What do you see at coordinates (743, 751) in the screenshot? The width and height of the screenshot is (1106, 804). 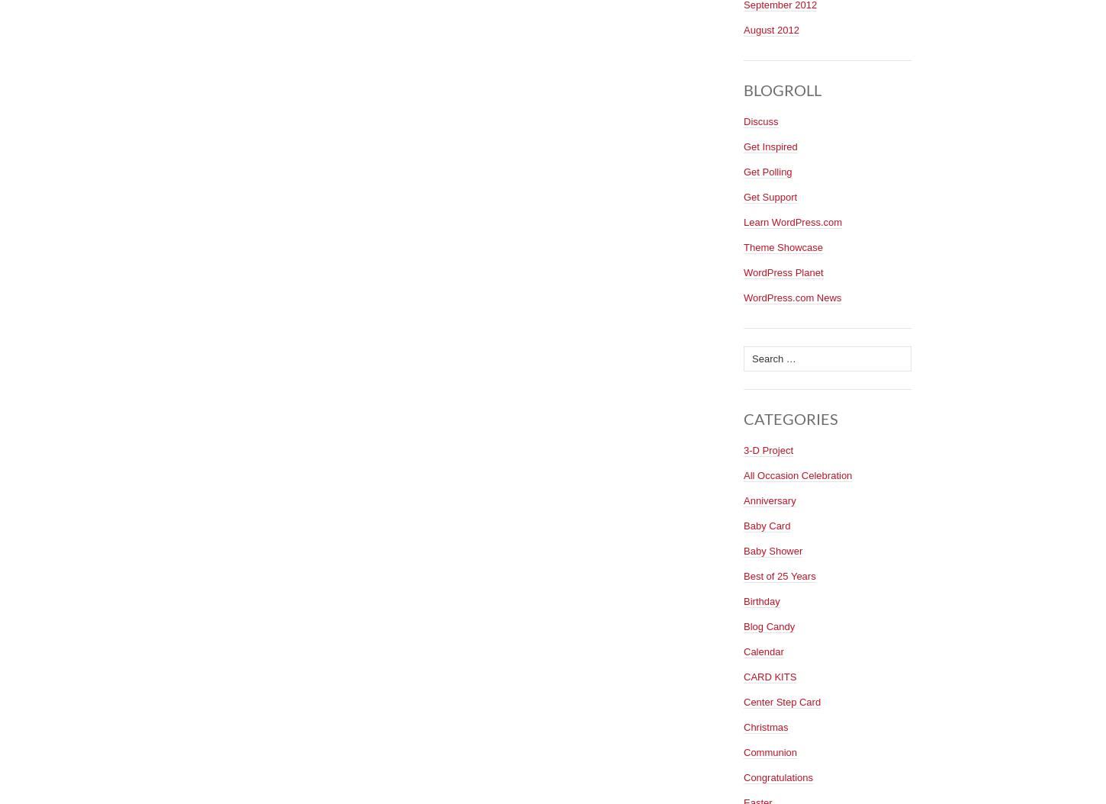 I see `'Communion'` at bounding box center [743, 751].